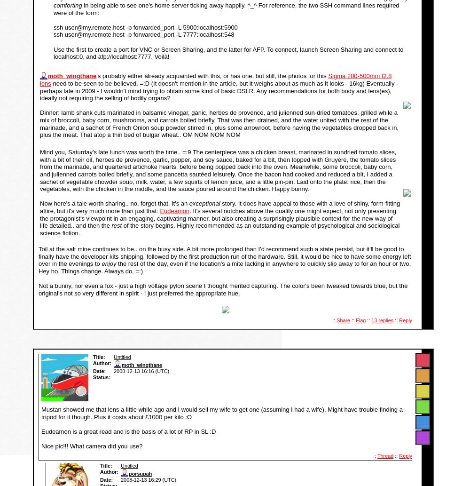  I want to click on '2008-12-13 16:29 (UTC)', so click(148, 478).